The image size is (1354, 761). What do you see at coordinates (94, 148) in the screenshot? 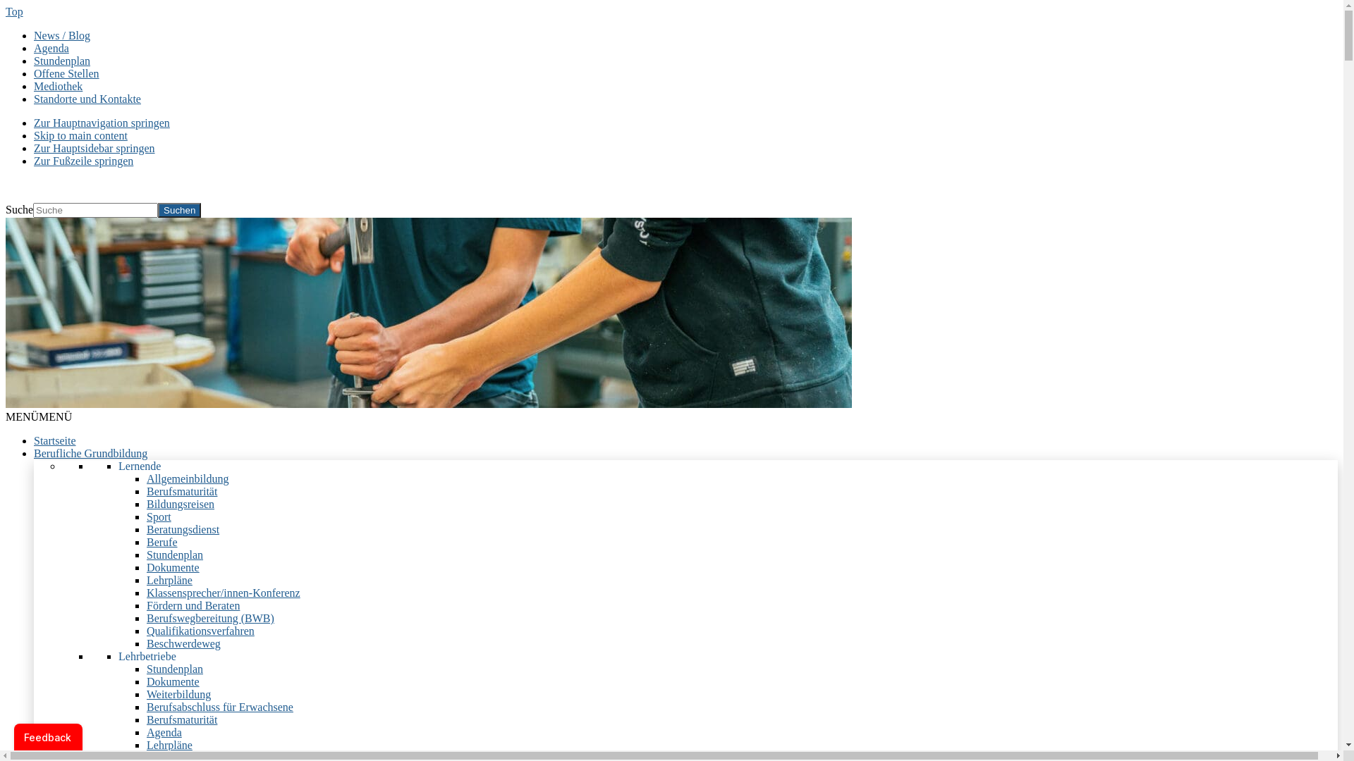
I see `'Zur Hauptsidebar springen'` at bounding box center [94, 148].